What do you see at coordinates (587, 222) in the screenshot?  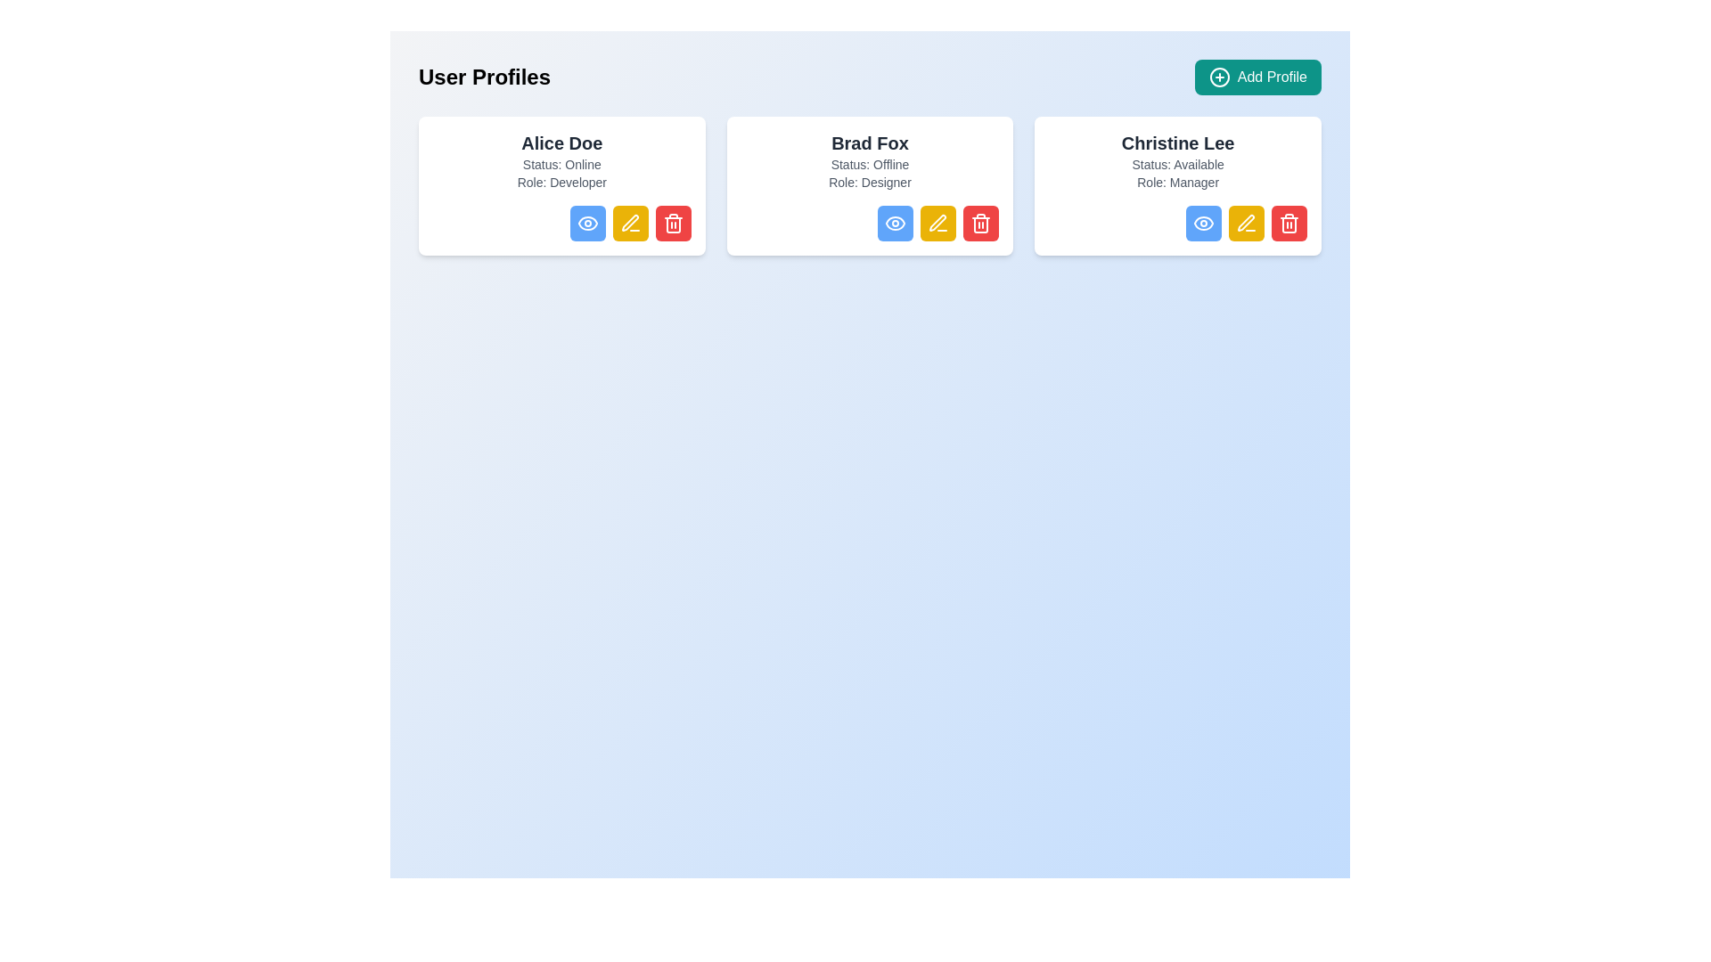 I see `the eye icon button, which is a blue circular button located at the leftmost position in the control group next to the user profile card labeled 'Alice Doe'` at bounding box center [587, 222].